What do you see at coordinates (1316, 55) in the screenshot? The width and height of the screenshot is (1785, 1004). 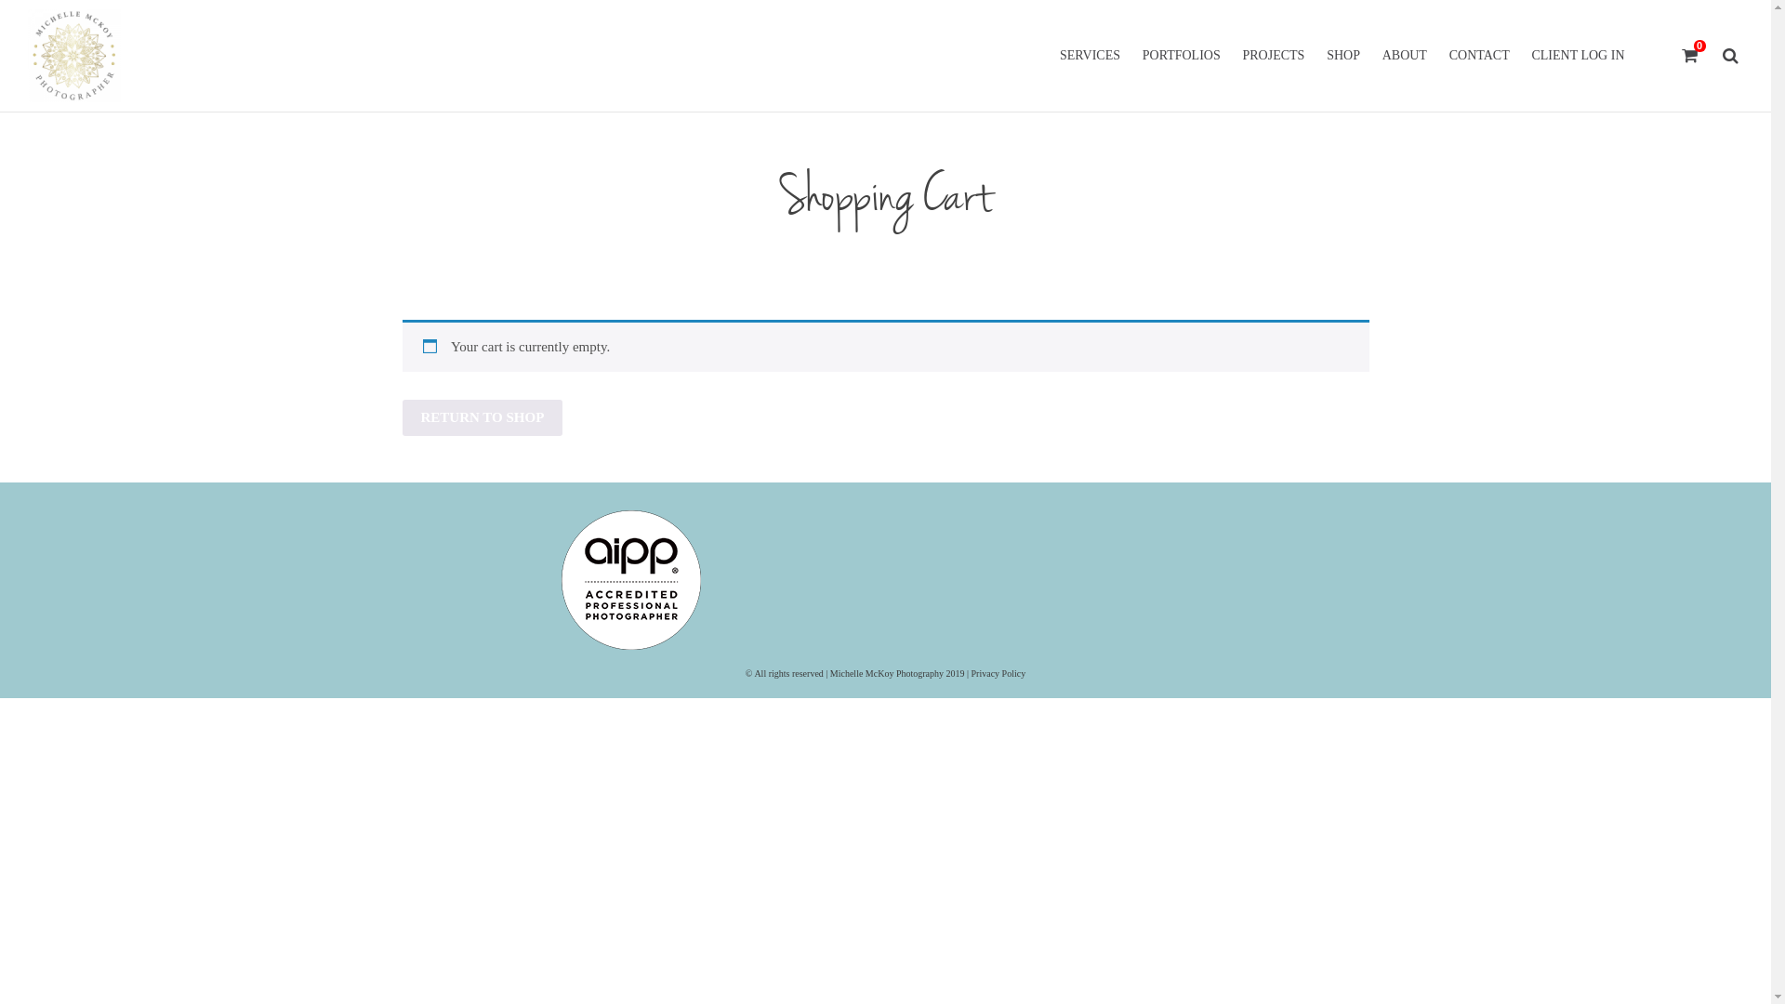 I see `'SHOP'` at bounding box center [1316, 55].